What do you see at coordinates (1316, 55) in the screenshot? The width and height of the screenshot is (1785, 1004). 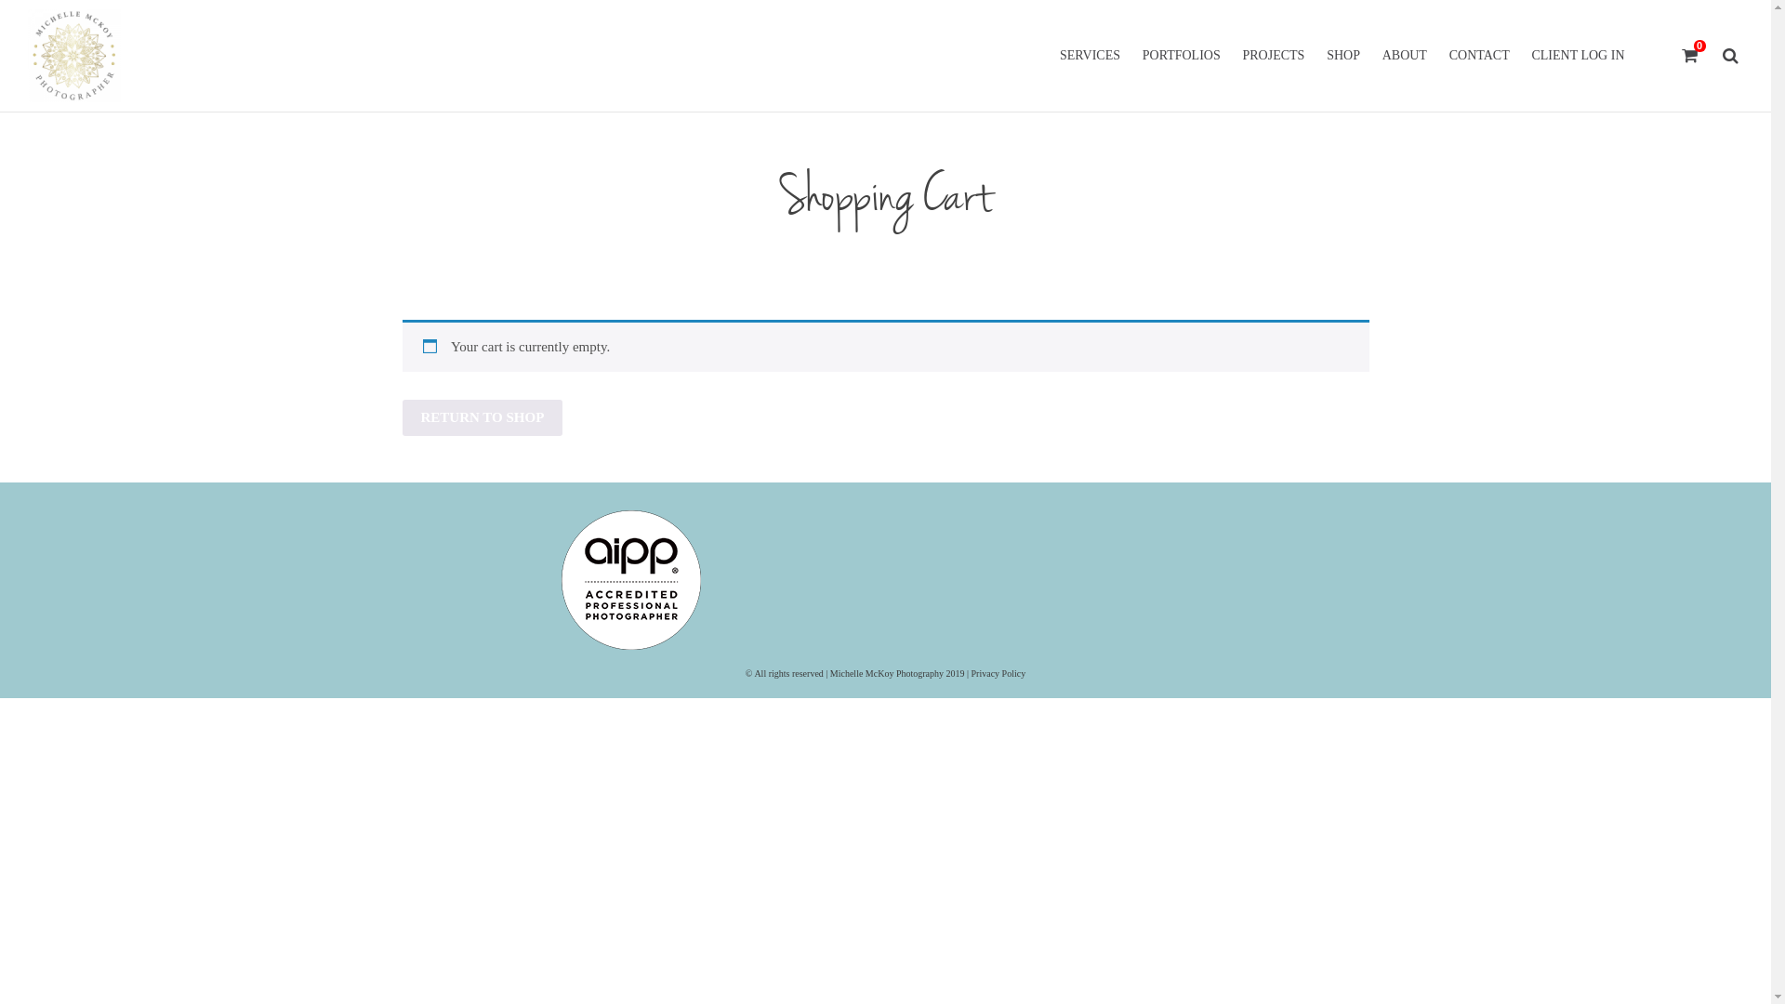 I see `'SHOP'` at bounding box center [1316, 55].